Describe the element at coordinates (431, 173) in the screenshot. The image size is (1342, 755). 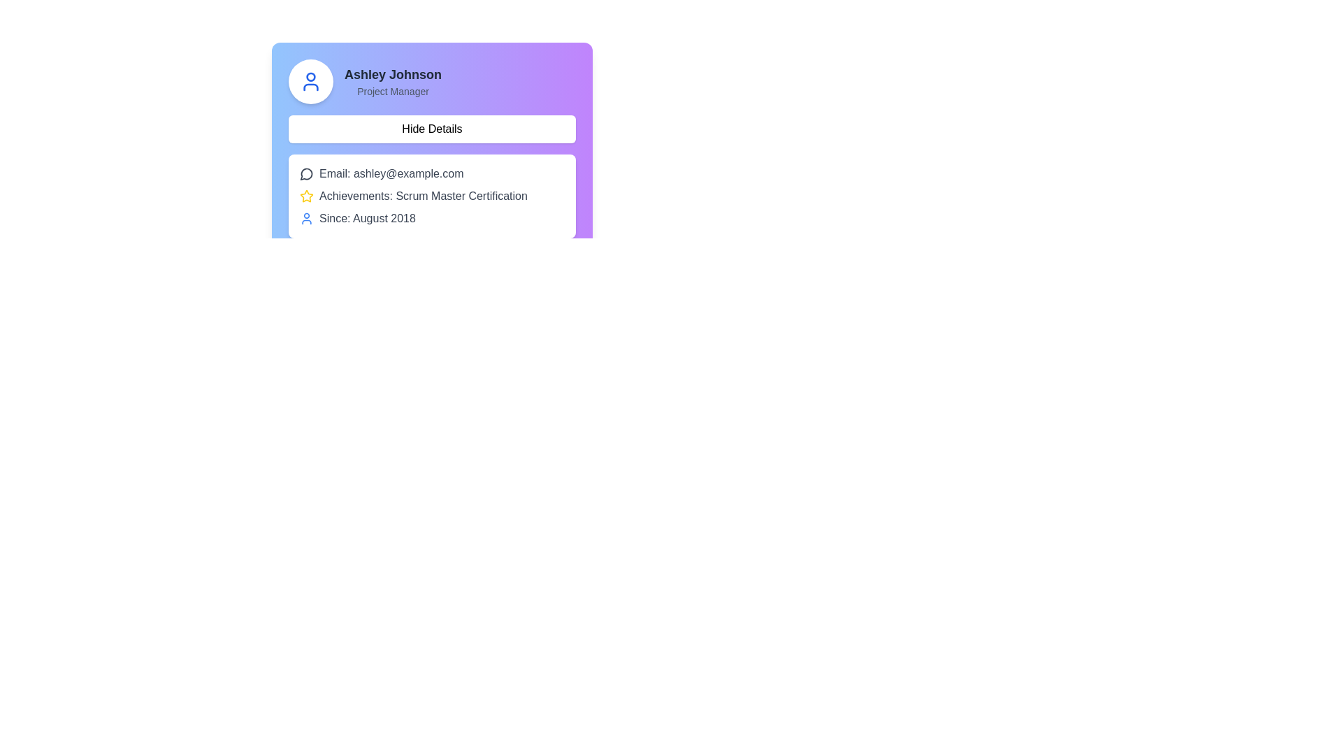
I see `the label displaying 'Email: ashley@example.com' that is paired with a message bubble icon, which is the first element in a vertical list of labels` at that location.